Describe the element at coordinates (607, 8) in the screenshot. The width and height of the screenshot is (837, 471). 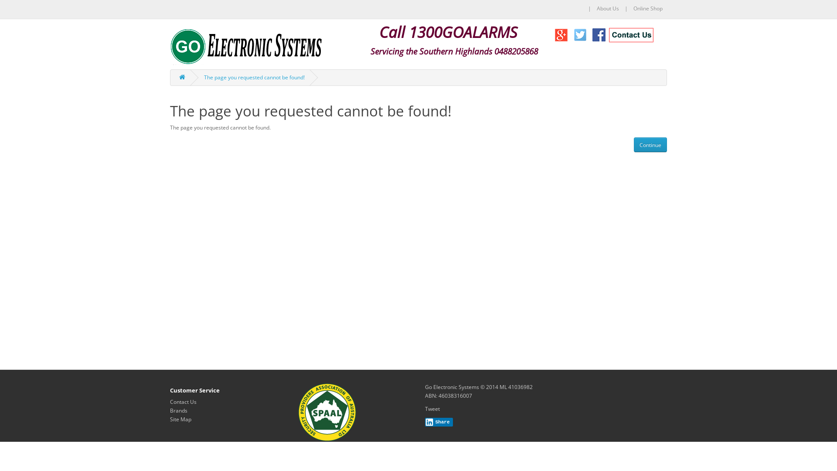
I see `'About Us'` at that location.